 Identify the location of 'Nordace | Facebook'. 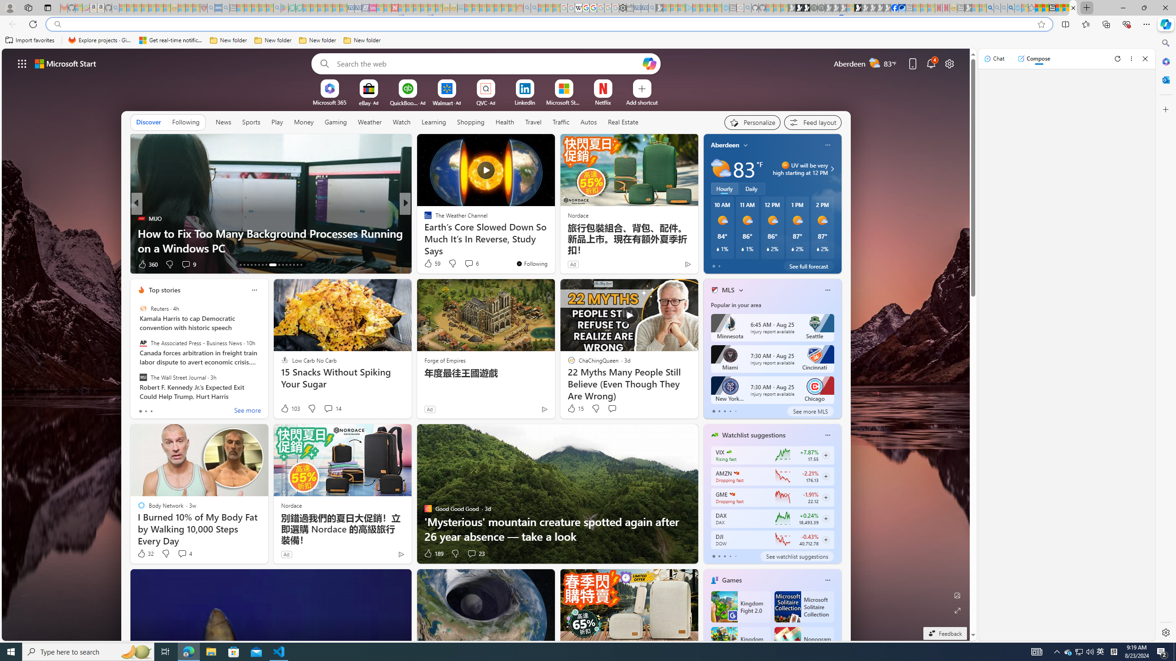
(893, 7).